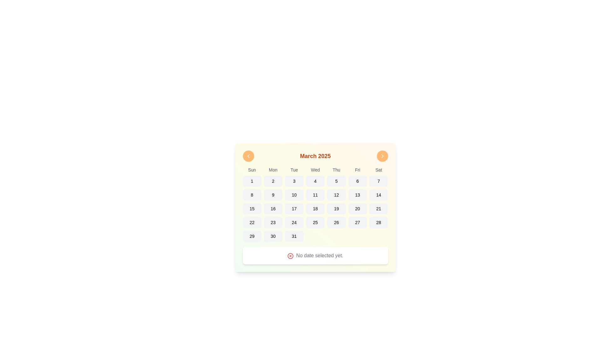 The image size is (601, 338). What do you see at coordinates (357, 222) in the screenshot?
I see `the calendar day box displaying the number '27'` at bounding box center [357, 222].